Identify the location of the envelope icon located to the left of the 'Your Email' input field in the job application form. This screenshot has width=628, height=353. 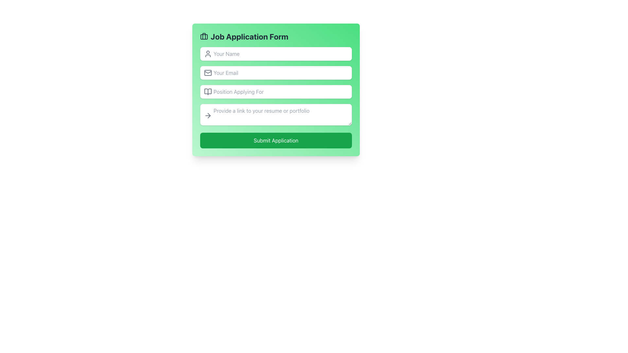
(207, 73).